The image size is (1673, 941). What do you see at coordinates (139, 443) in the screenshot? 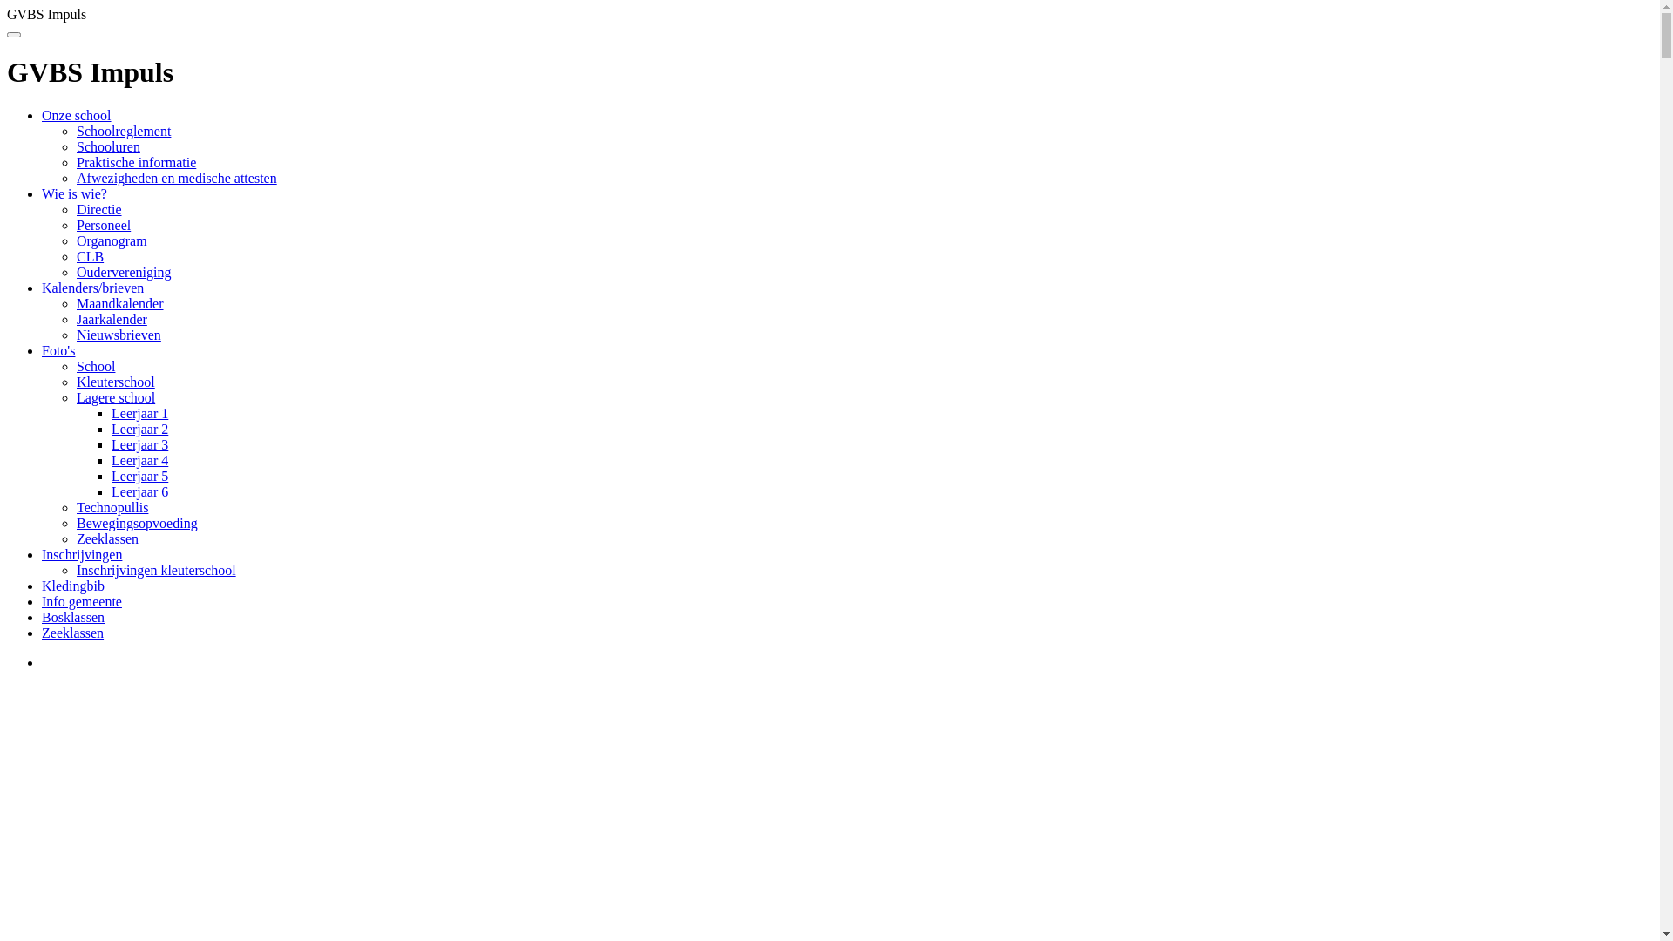
I see `'Leerjaar 3'` at bounding box center [139, 443].